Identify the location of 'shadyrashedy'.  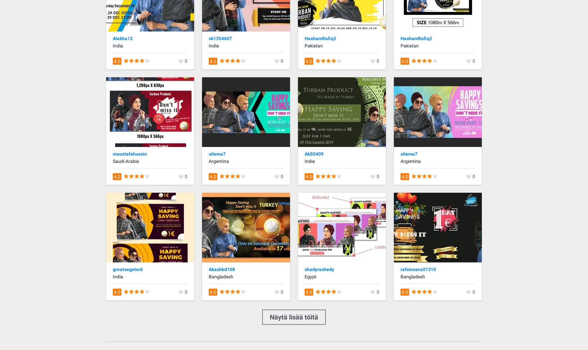
(319, 268).